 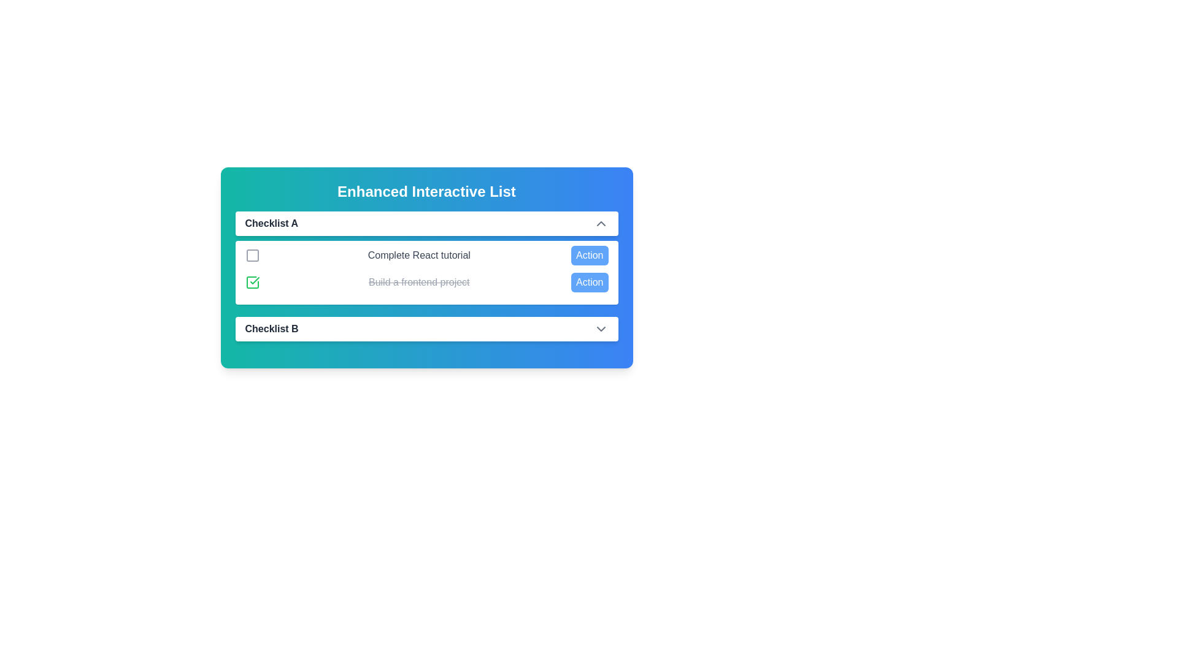 I want to click on the green checkmark icon adjacent, so click(x=253, y=281).